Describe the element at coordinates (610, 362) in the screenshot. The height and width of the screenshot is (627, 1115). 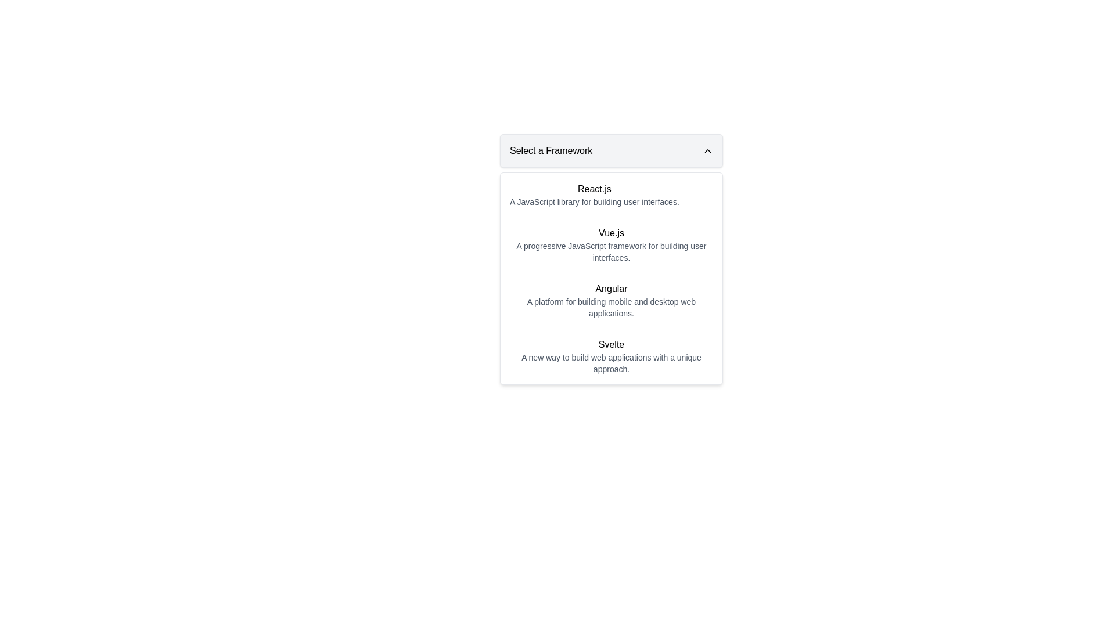
I see `the descriptive text element located below the bolded title 'Svelte' in the framework list` at that location.